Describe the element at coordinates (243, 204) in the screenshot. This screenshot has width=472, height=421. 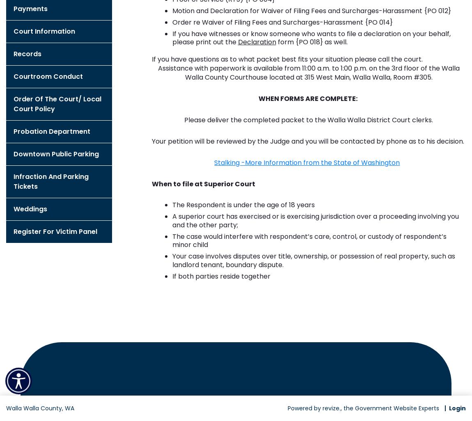
I see `'The Respondent is under the age of 18 years'` at that location.